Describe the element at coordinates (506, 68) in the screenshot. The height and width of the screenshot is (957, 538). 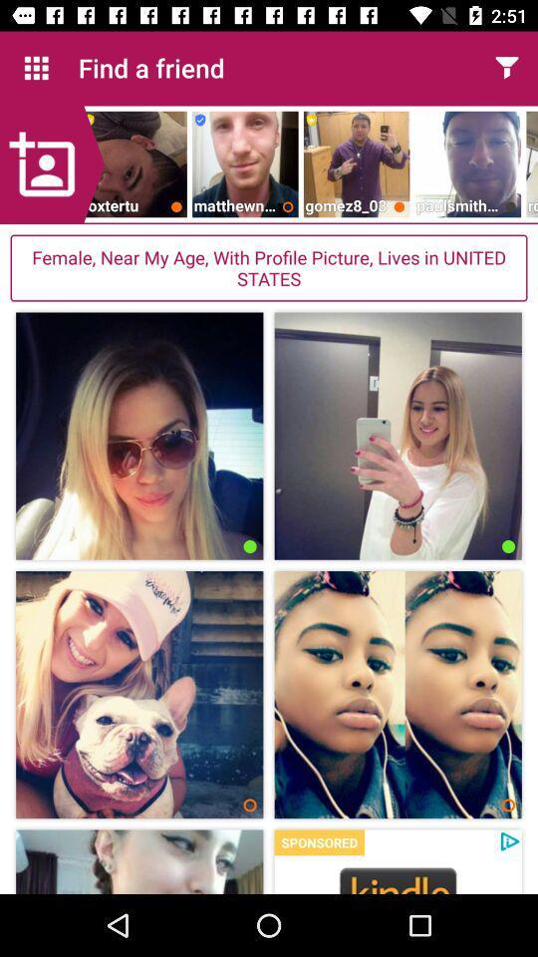
I see `fillter option` at that location.